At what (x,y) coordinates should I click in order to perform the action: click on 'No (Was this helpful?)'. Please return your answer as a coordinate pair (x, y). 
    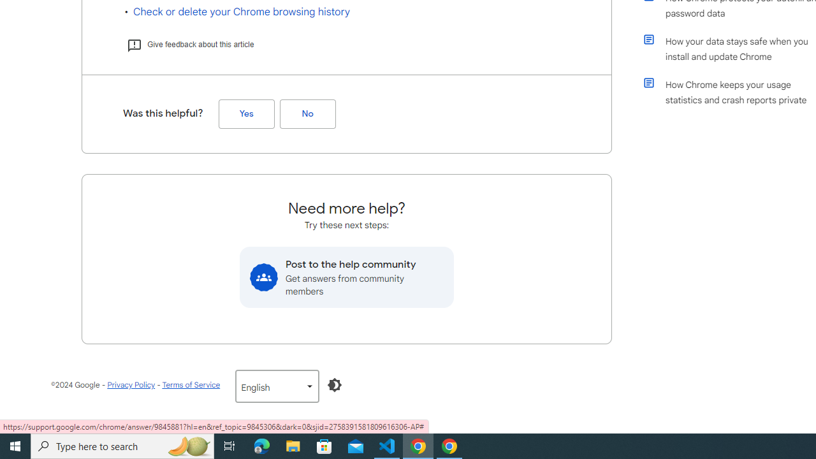
    Looking at the image, I should click on (307, 113).